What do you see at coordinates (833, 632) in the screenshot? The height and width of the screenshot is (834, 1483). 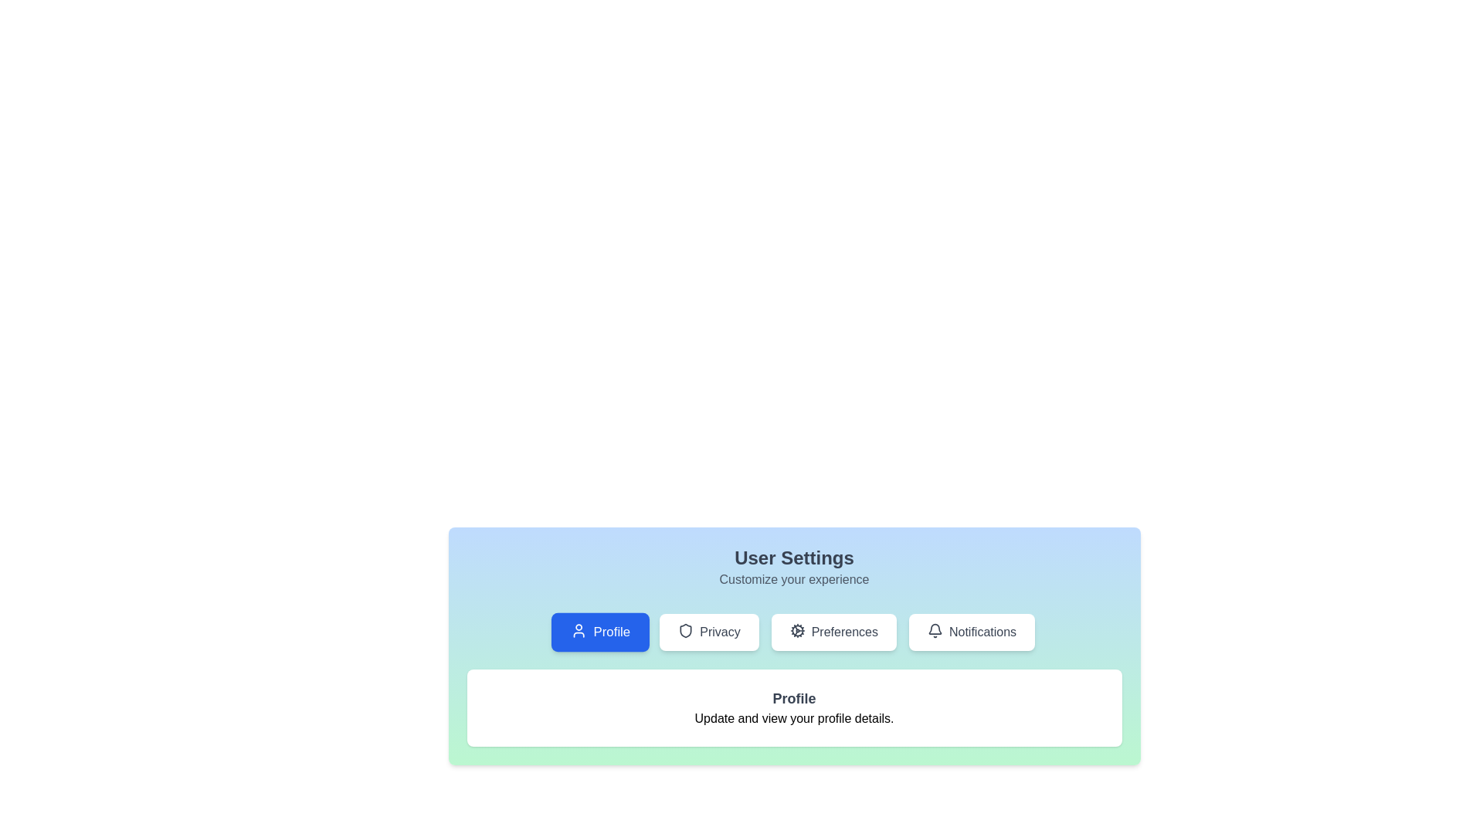 I see `the Preferences tab to view its content` at bounding box center [833, 632].